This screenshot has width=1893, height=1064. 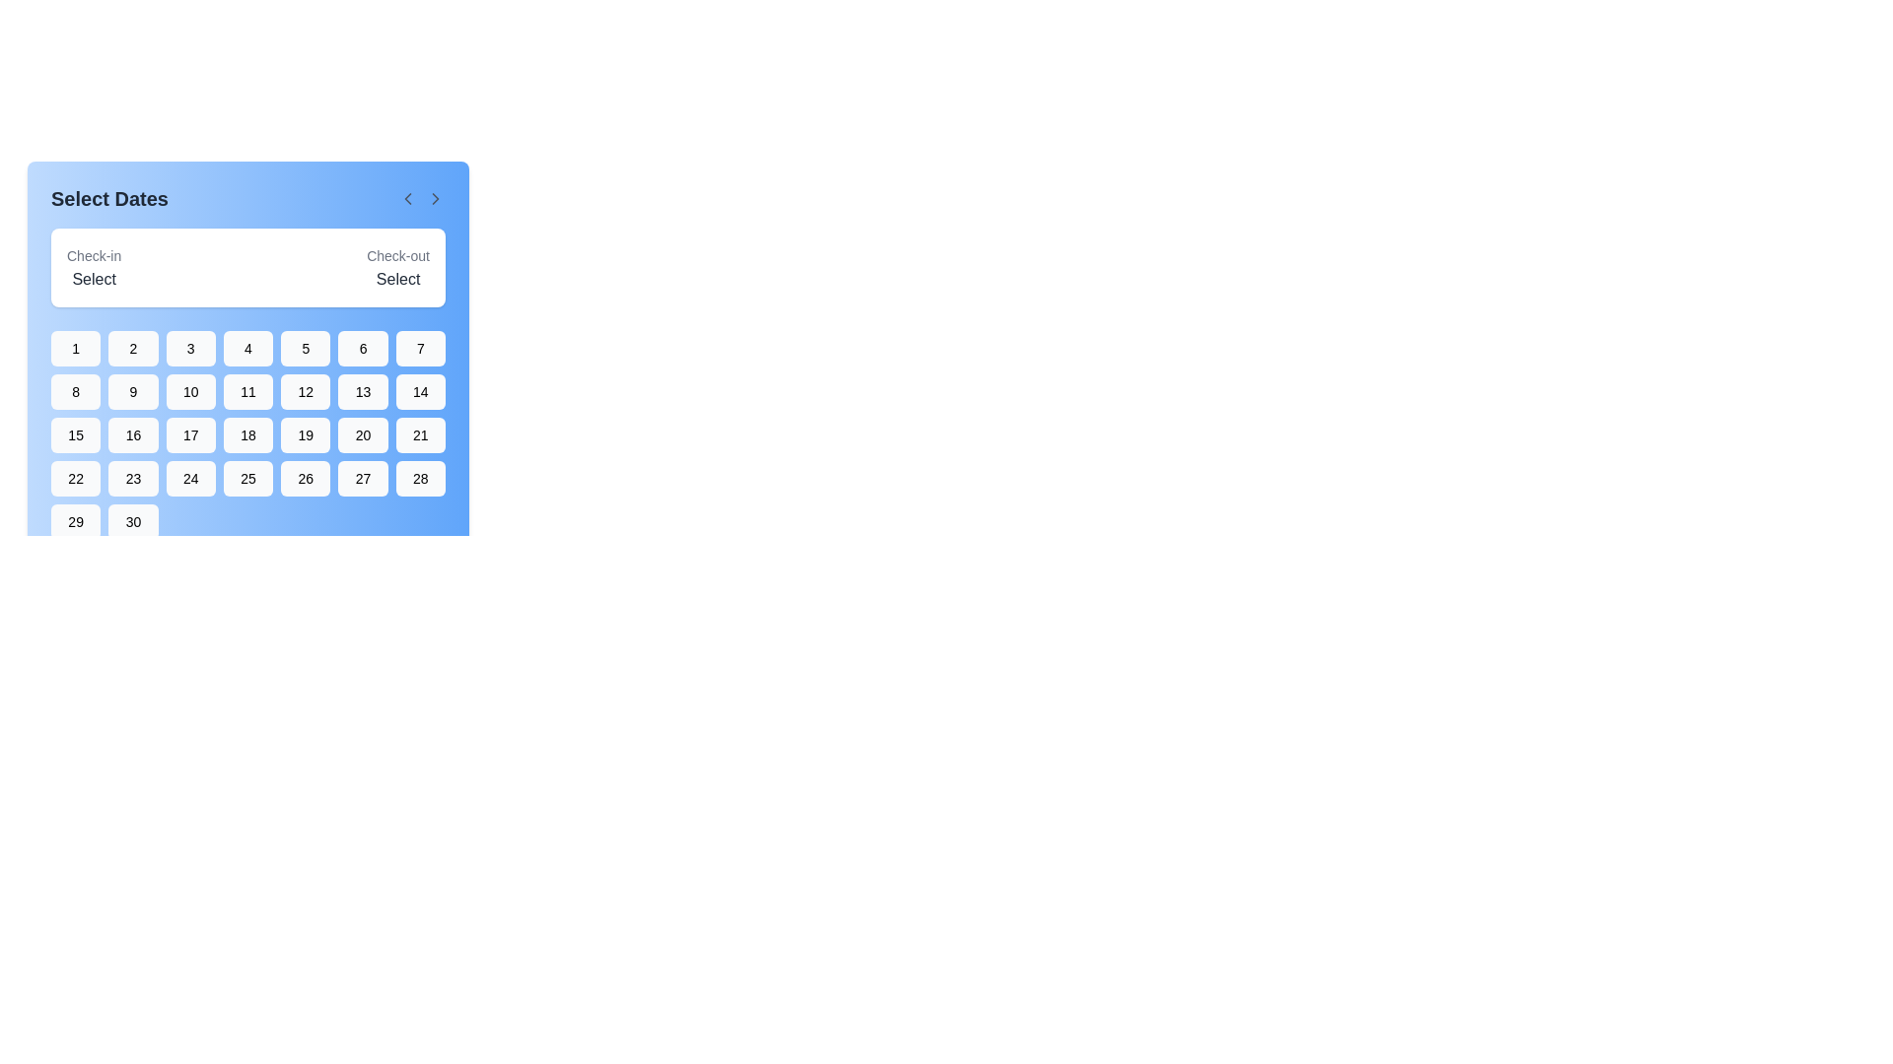 What do you see at coordinates (76, 391) in the screenshot?
I see `the rounded rectangular button with a black numeral '8' on a white background in the grid-style calendar layout` at bounding box center [76, 391].